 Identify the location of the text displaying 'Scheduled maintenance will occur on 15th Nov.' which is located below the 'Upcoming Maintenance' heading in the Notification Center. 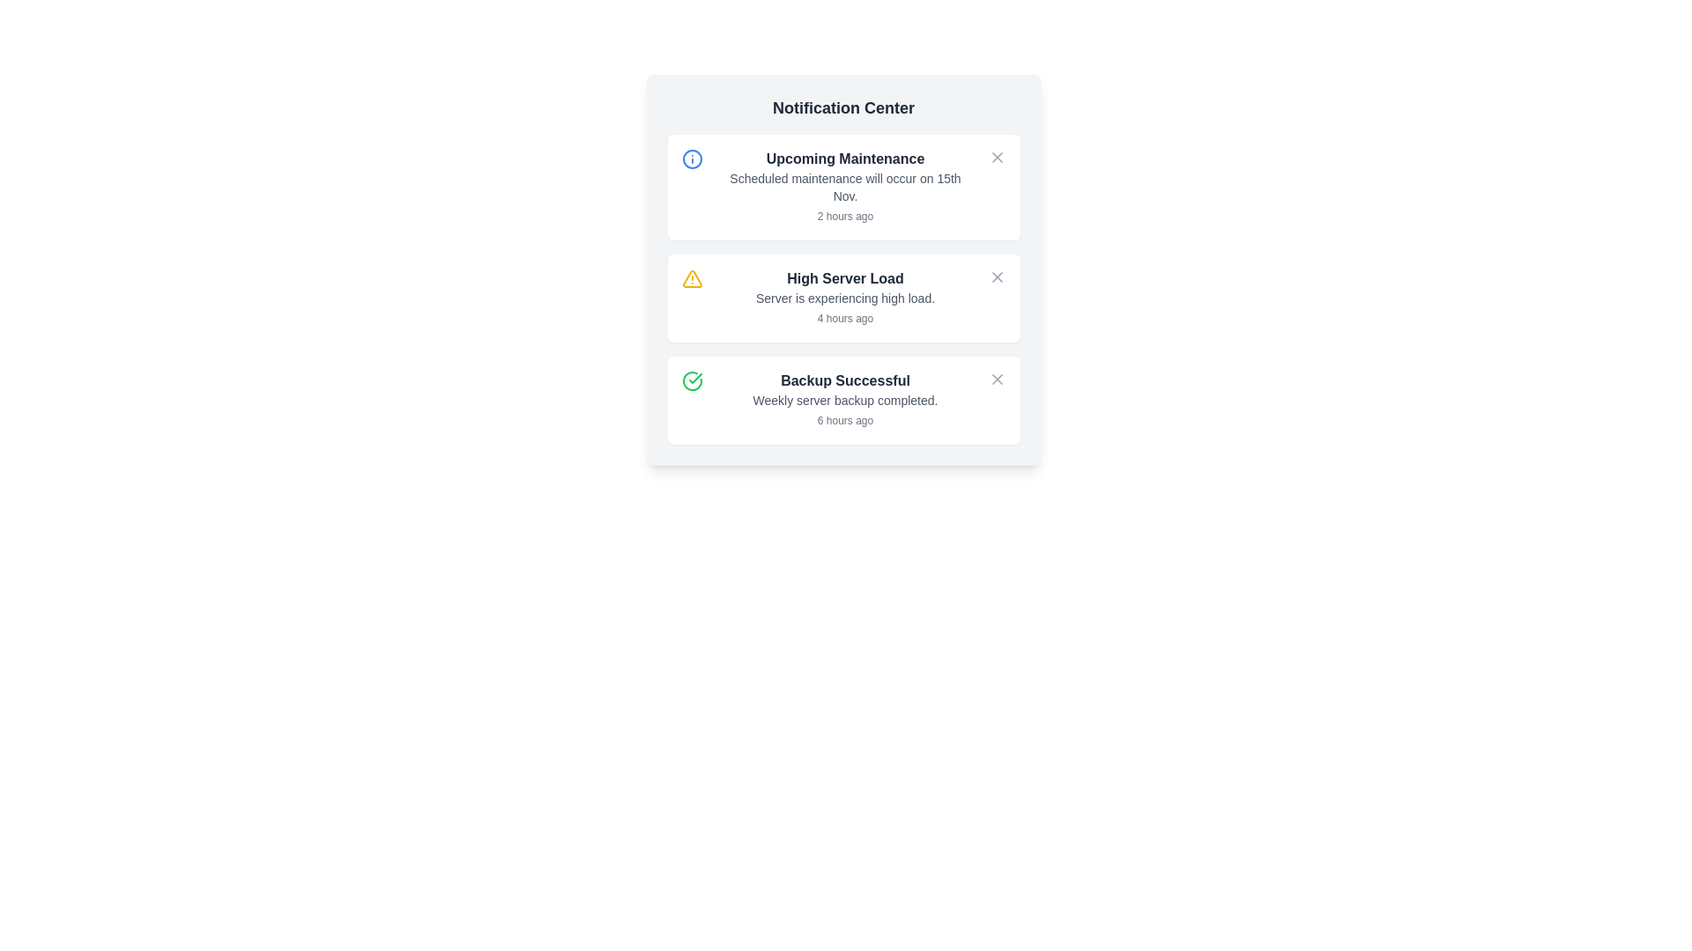
(844, 187).